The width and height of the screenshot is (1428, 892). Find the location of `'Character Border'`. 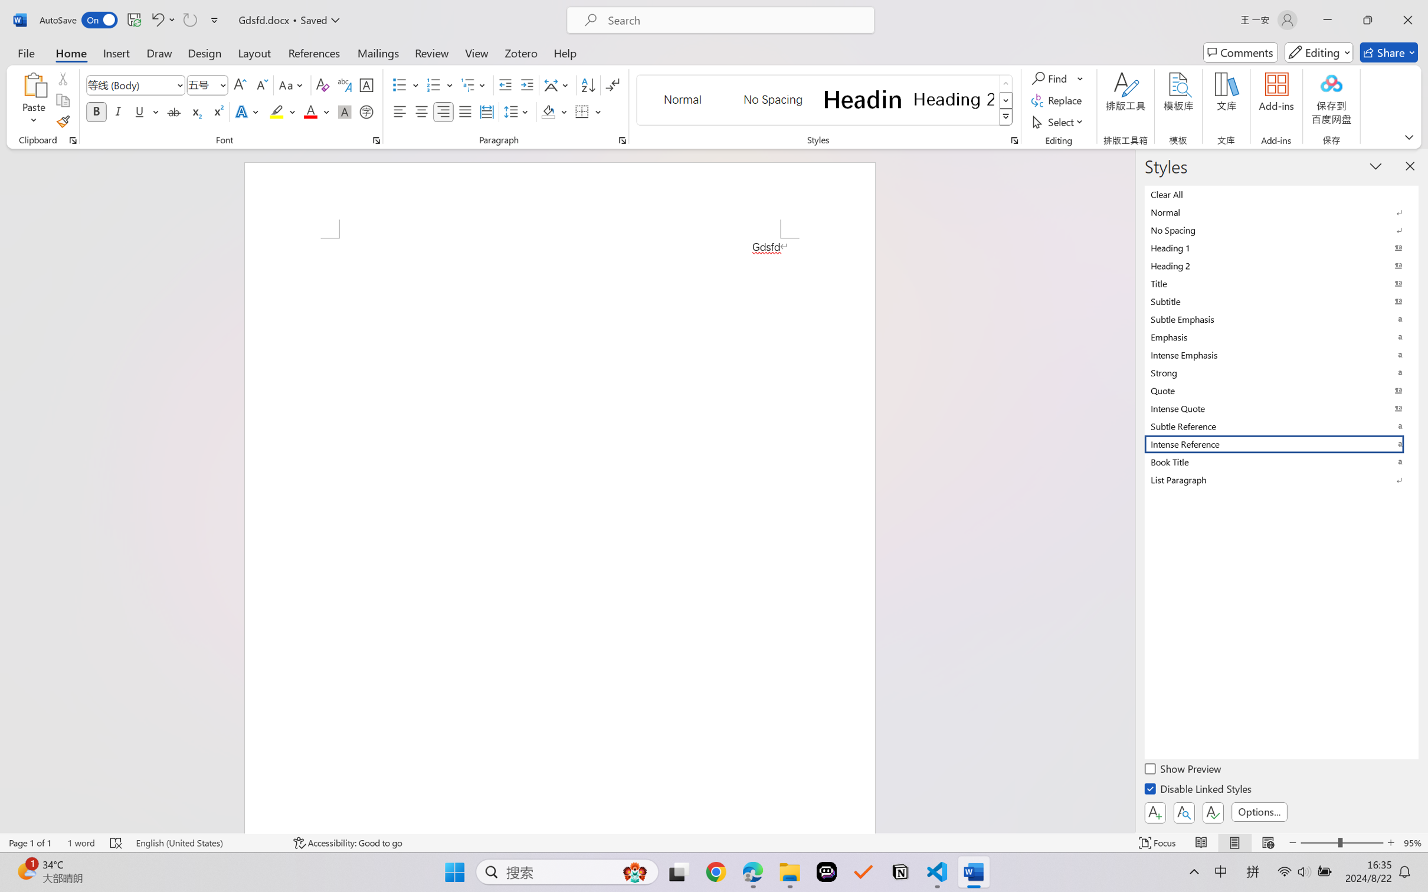

'Character Border' is located at coordinates (366, 85).